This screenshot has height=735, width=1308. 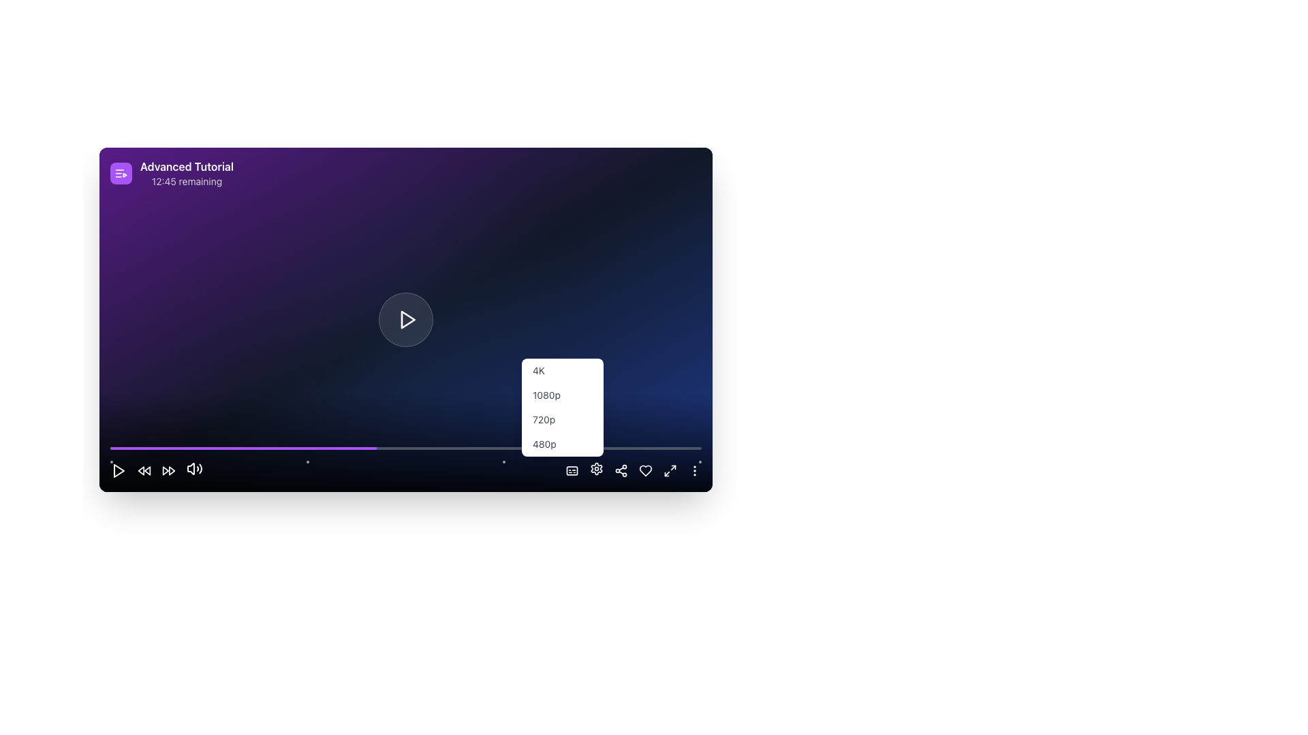 What do you see at coordinates (621, 470) in the screenshot?
I see `the share icon button located in the bottom right portion of the interface` at bounding box center [621, 470].